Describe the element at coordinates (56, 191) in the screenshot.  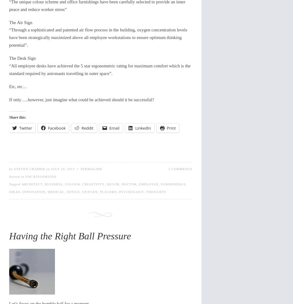
I see `'medical'` at that location.